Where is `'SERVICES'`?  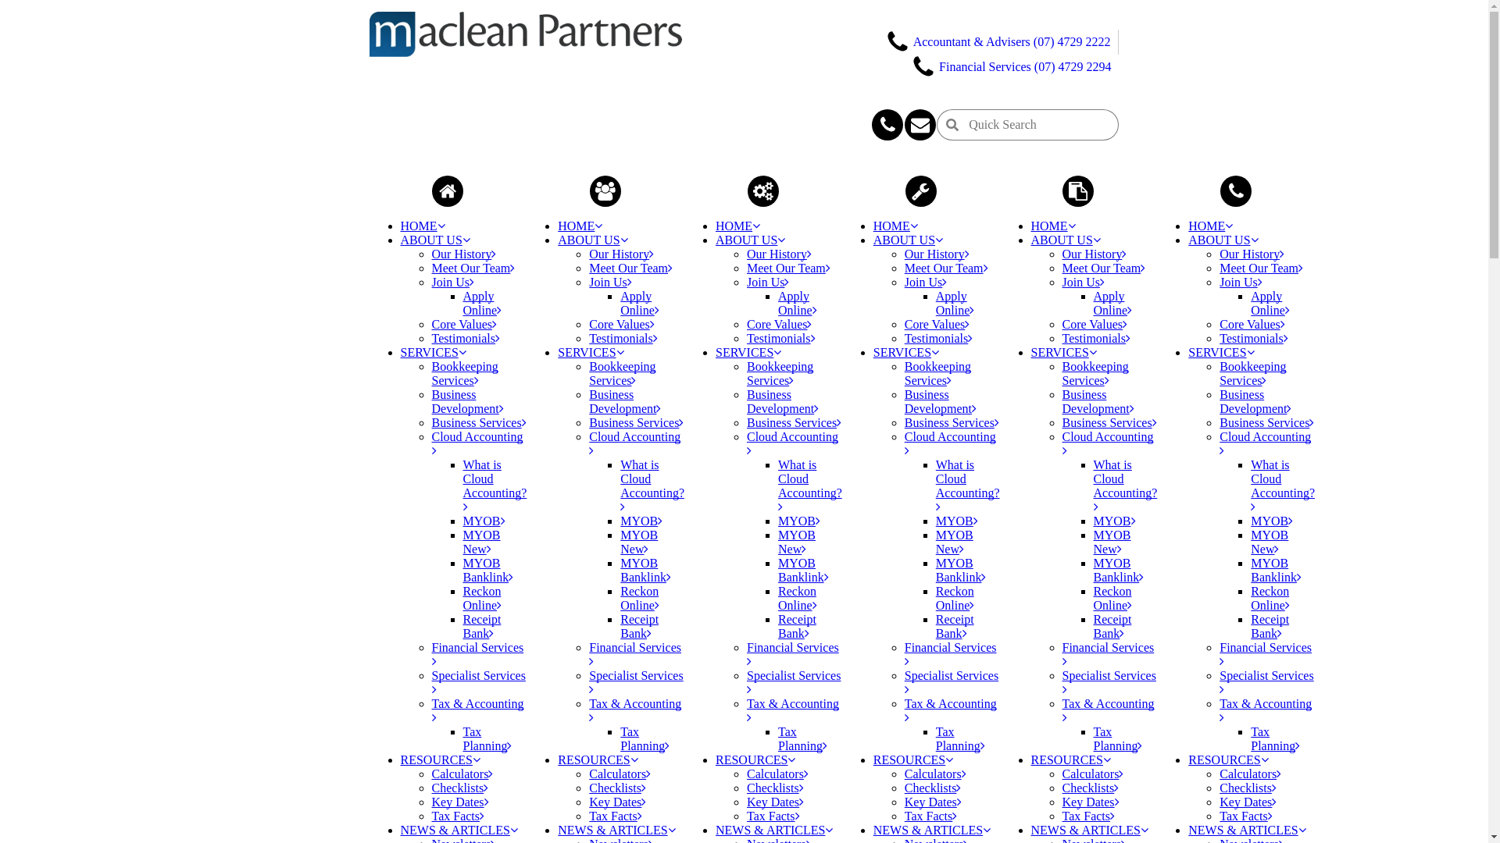
'SERVICES' is located at coordinates (432, 352).